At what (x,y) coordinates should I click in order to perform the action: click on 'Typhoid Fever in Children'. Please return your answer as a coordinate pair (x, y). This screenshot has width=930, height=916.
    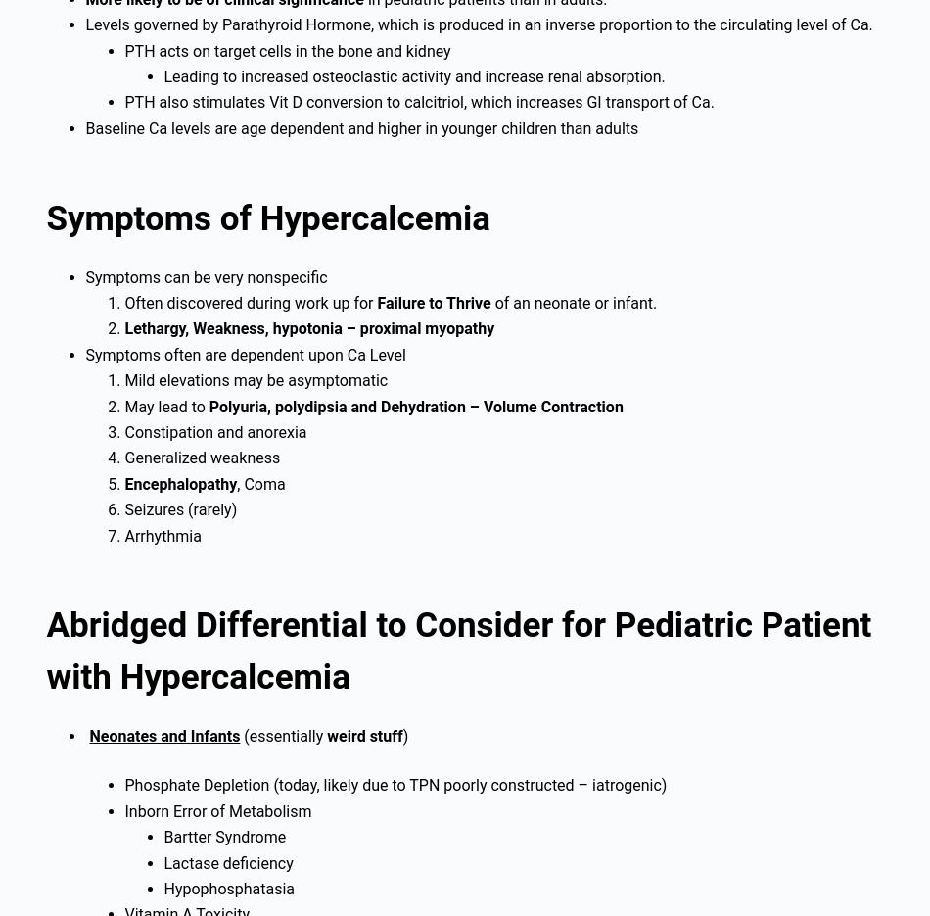
    Looking at the image, I should click on (46, 221).